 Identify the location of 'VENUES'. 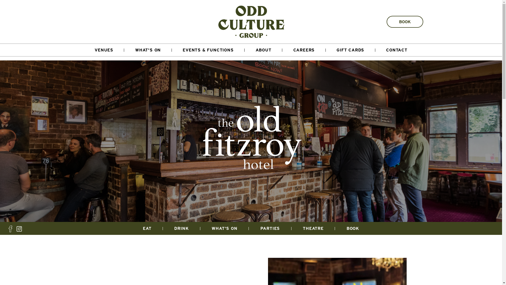
(83, 50).